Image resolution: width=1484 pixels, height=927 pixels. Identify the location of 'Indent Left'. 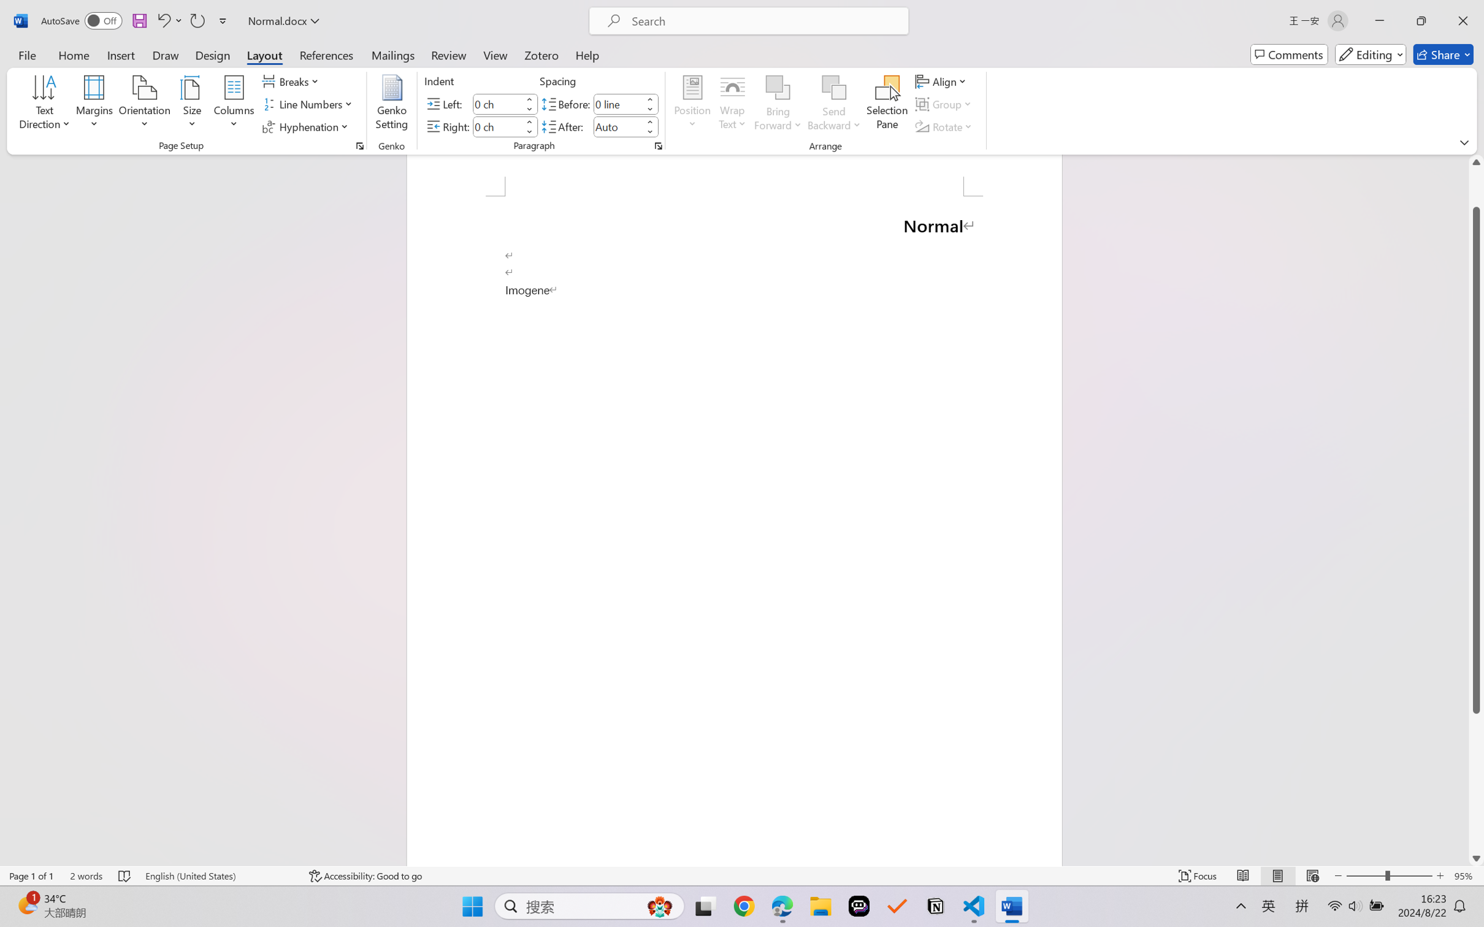
(497, 103).